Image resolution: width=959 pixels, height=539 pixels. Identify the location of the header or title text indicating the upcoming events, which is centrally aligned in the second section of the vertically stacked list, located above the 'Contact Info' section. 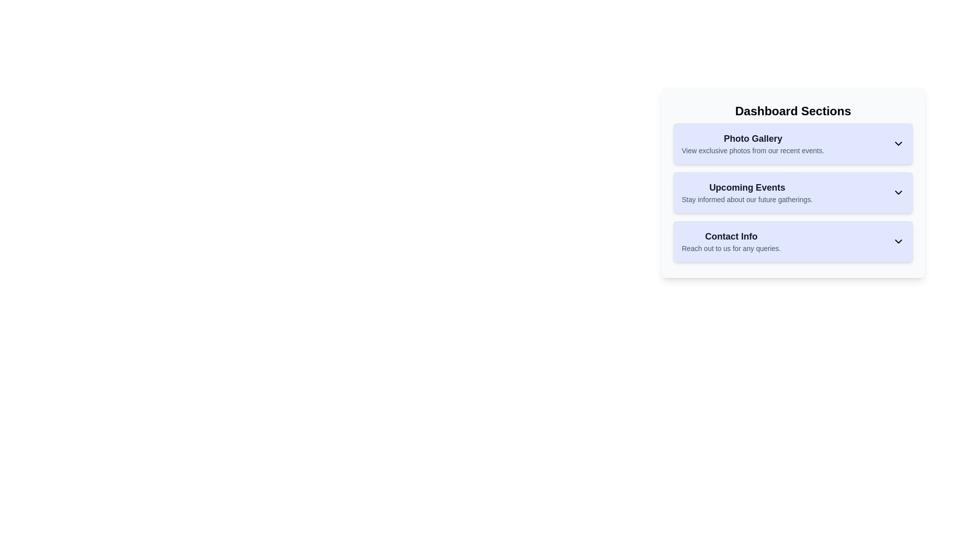
(747, 187).